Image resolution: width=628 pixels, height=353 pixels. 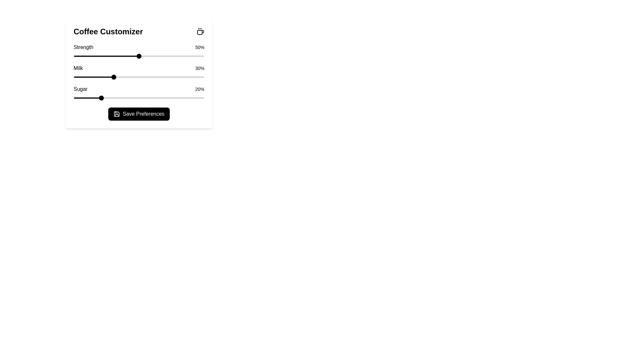 I want to click on the sugar level, so click(x=97, y=98).